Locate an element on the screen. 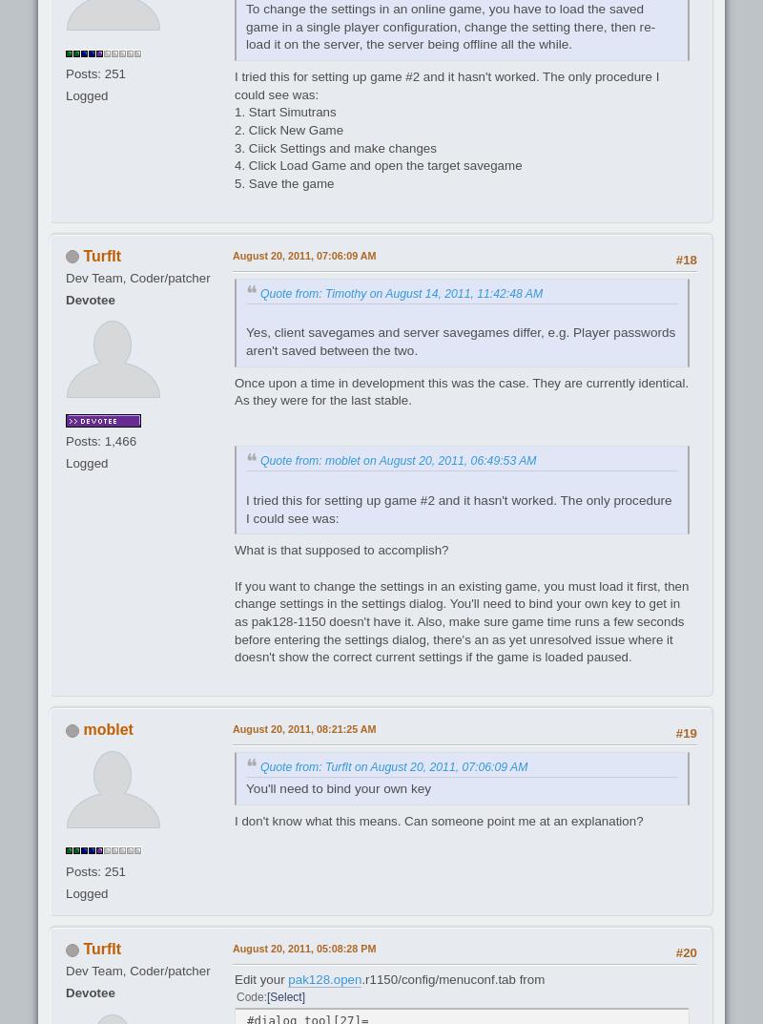  'Posts: 1,466' is located at coordinates (100, 441).